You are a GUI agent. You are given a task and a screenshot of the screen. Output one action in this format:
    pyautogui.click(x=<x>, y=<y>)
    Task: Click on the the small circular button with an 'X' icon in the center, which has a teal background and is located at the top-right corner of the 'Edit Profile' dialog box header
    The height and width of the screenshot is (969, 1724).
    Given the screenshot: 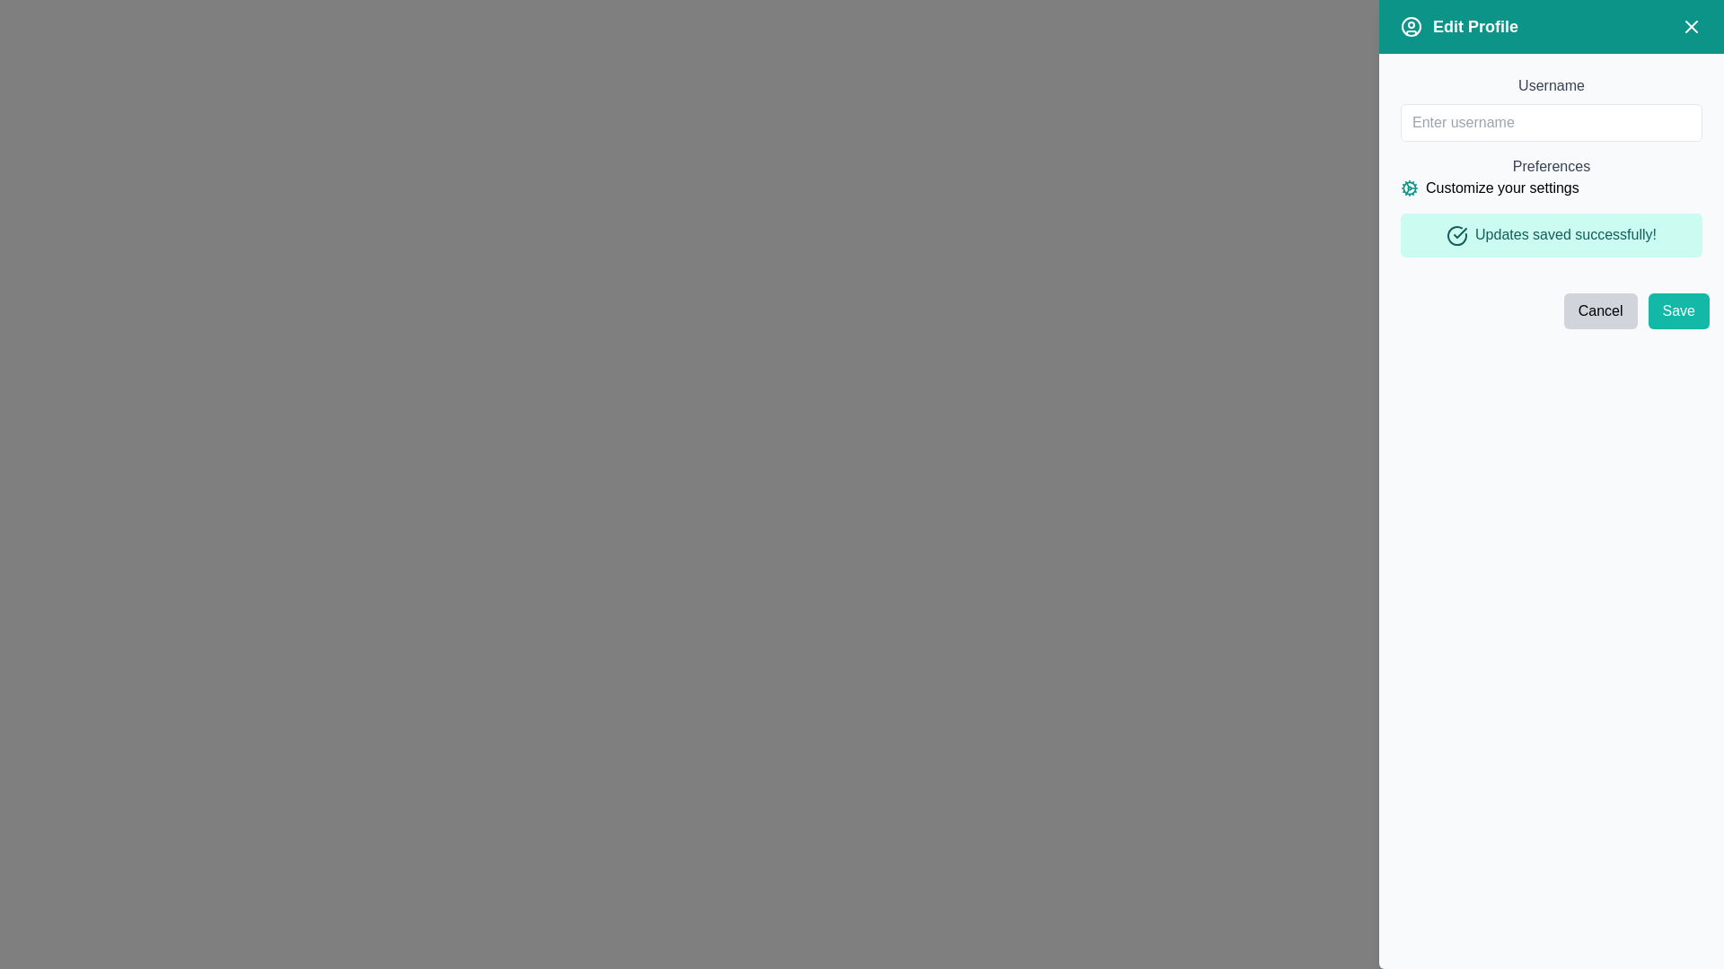 What is the action you would take?
    pyautogui.click(x=1690, y=27)
    